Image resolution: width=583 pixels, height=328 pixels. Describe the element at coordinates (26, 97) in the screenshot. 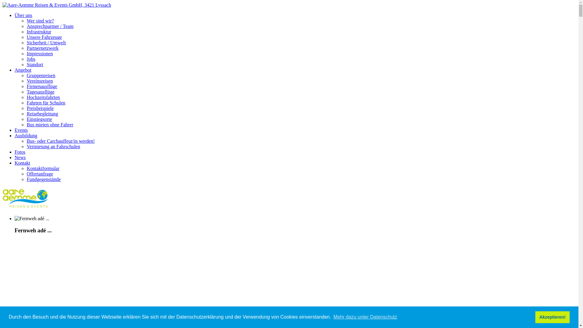

I see `'Hochzeitsfahrten'` at that location.